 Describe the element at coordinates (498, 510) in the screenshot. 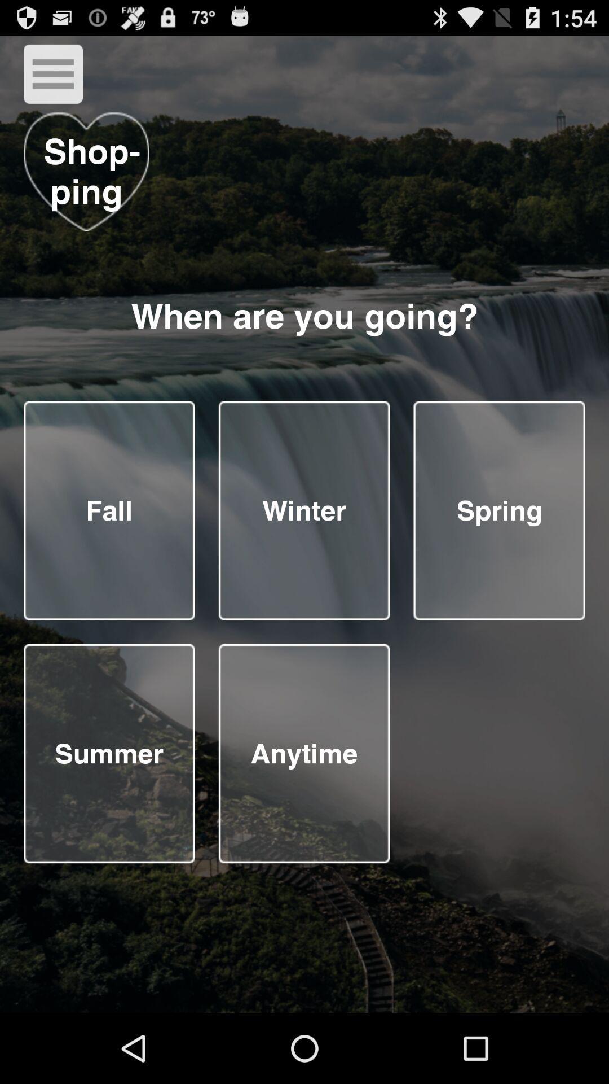

I see `spring` at that location.